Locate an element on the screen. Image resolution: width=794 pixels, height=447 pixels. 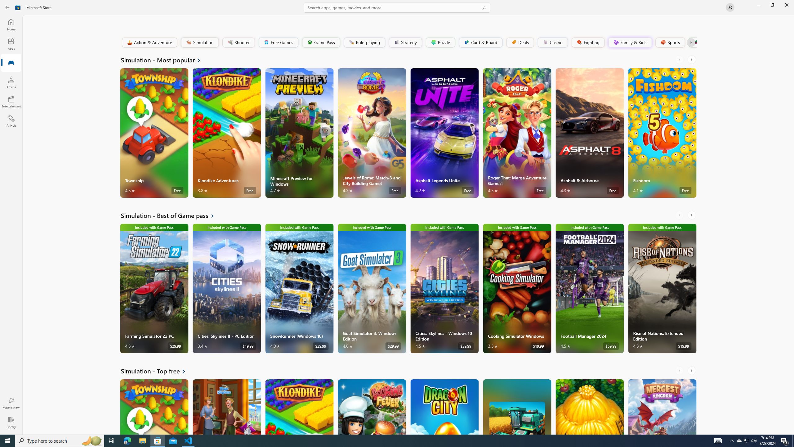
'Card & Board' is located at coordinates (480, 42).